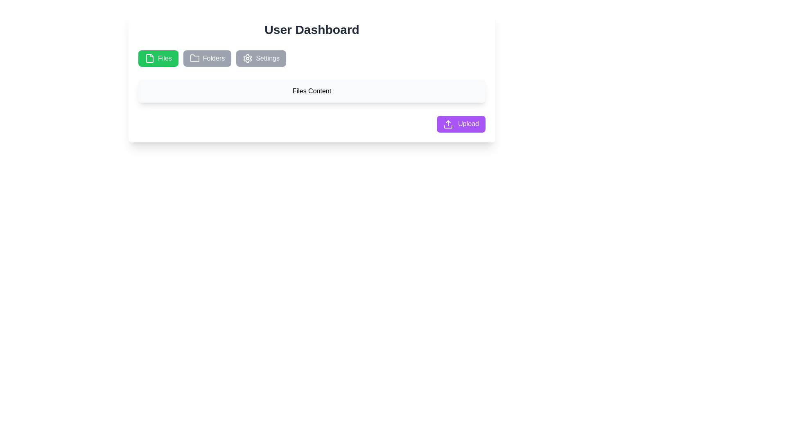 The width and height of the screenshot is (786, 442). What do you see at coordinates (214, 58) in the screenshot?
I see `the descriptive text label for the 'Folders' button, located between the 'Files' and 'Settings' buttons at the top of the interface` at bounding box center [214, 58].